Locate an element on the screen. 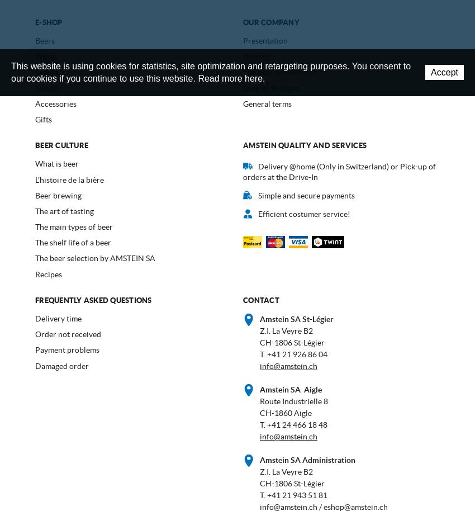  'CH-1860 Aigle' is located at coordinates (259, 413).